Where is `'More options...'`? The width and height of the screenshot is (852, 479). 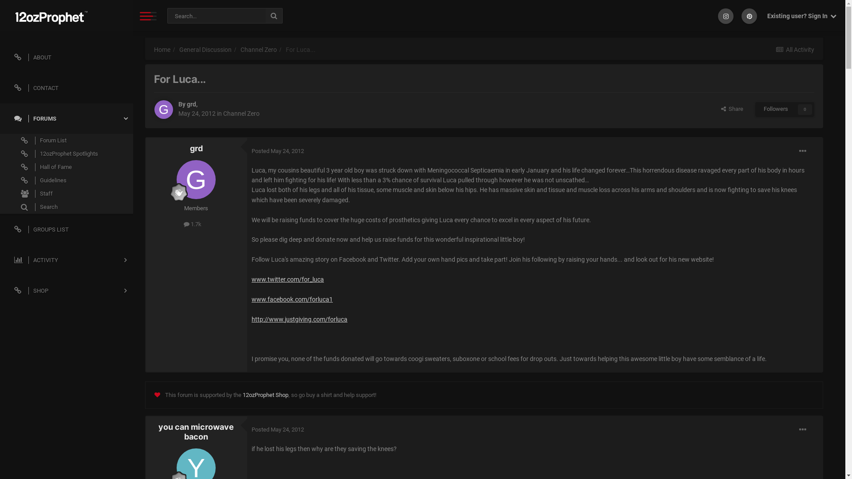
'More options...' is located at coordinates (794, 150).